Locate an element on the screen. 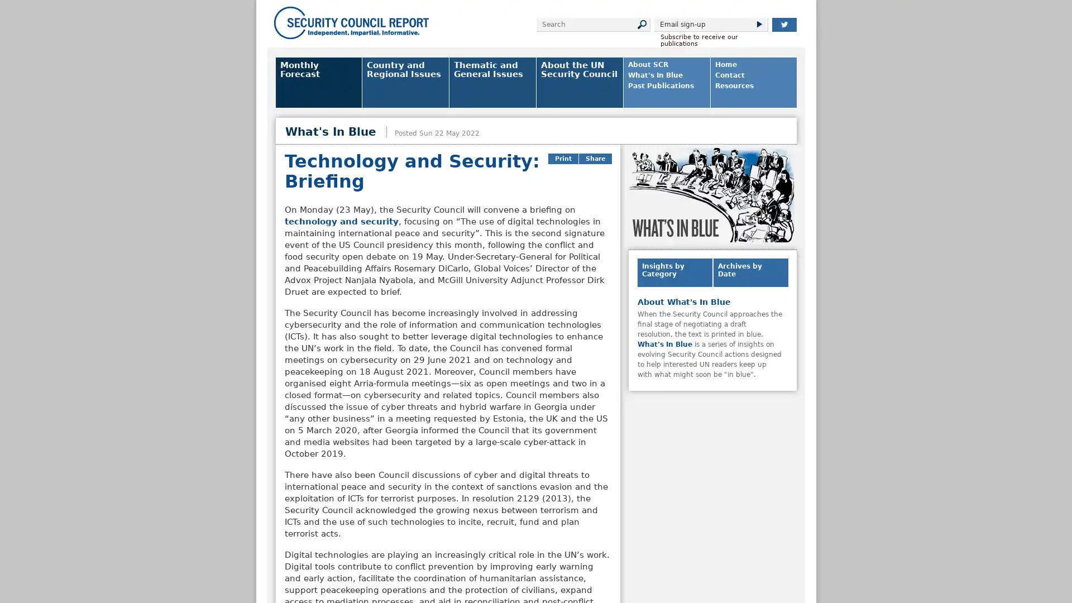 Image resolution: width=1072 pixels, height=603 pixels. Submit is located at coordinates (758, 24).